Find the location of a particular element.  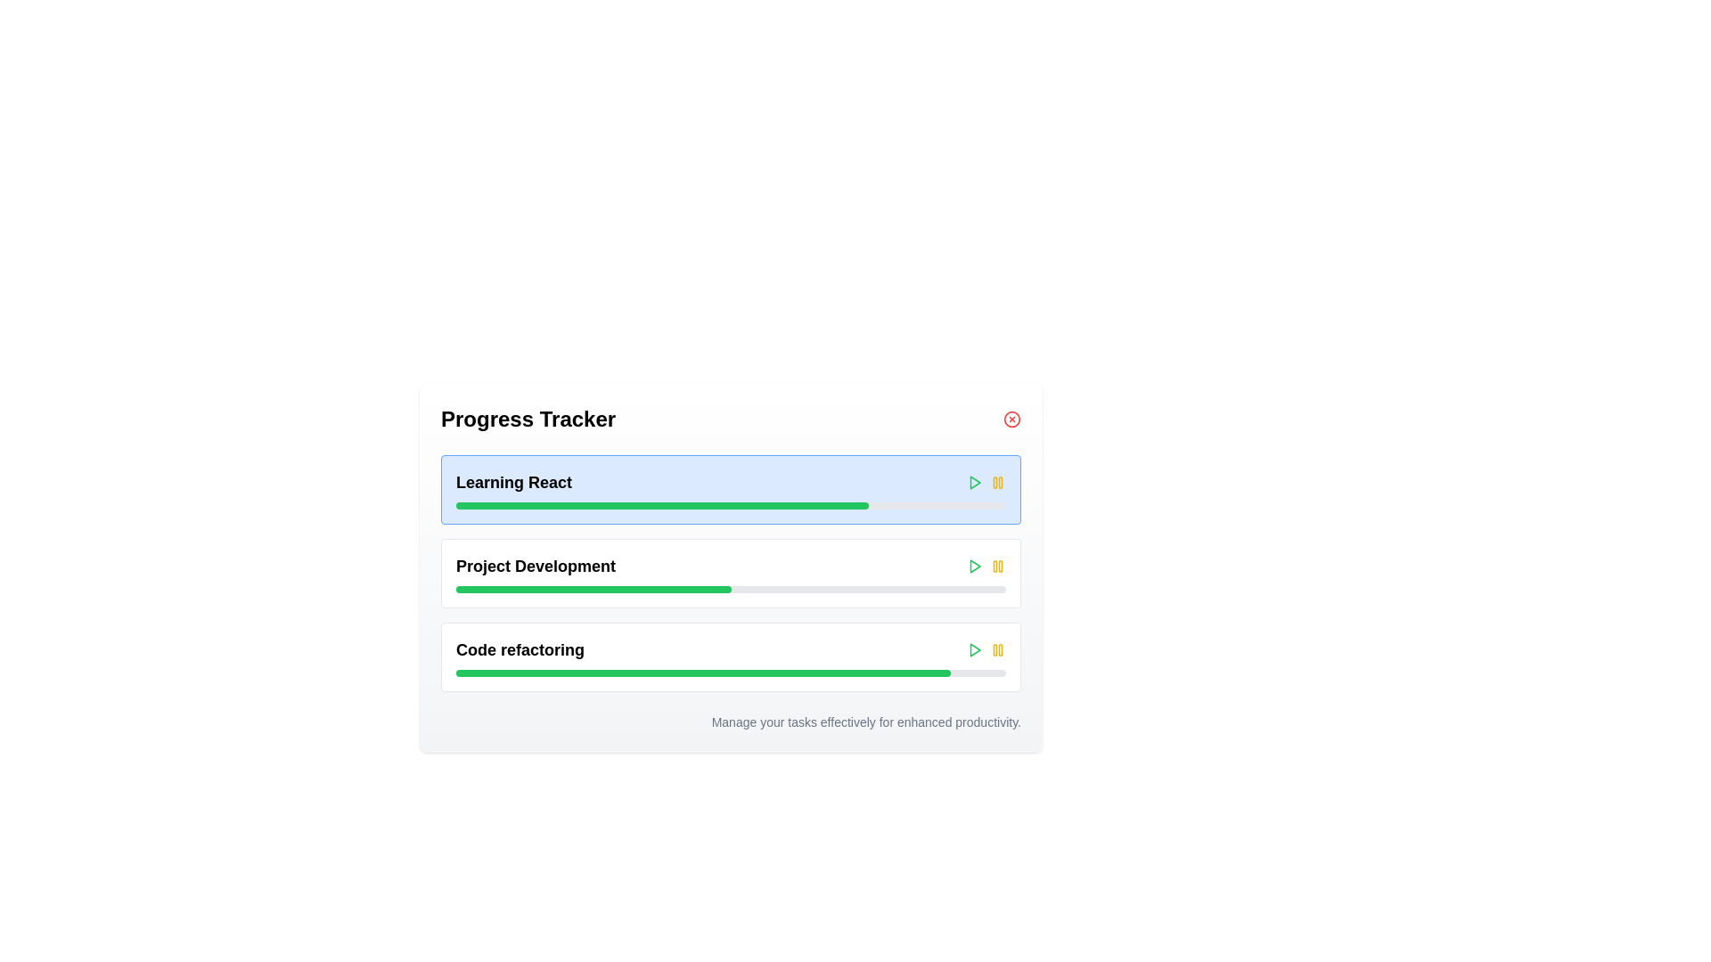

the yellow pause button icon with two vertical bars located is located at coordinates (996, 483).